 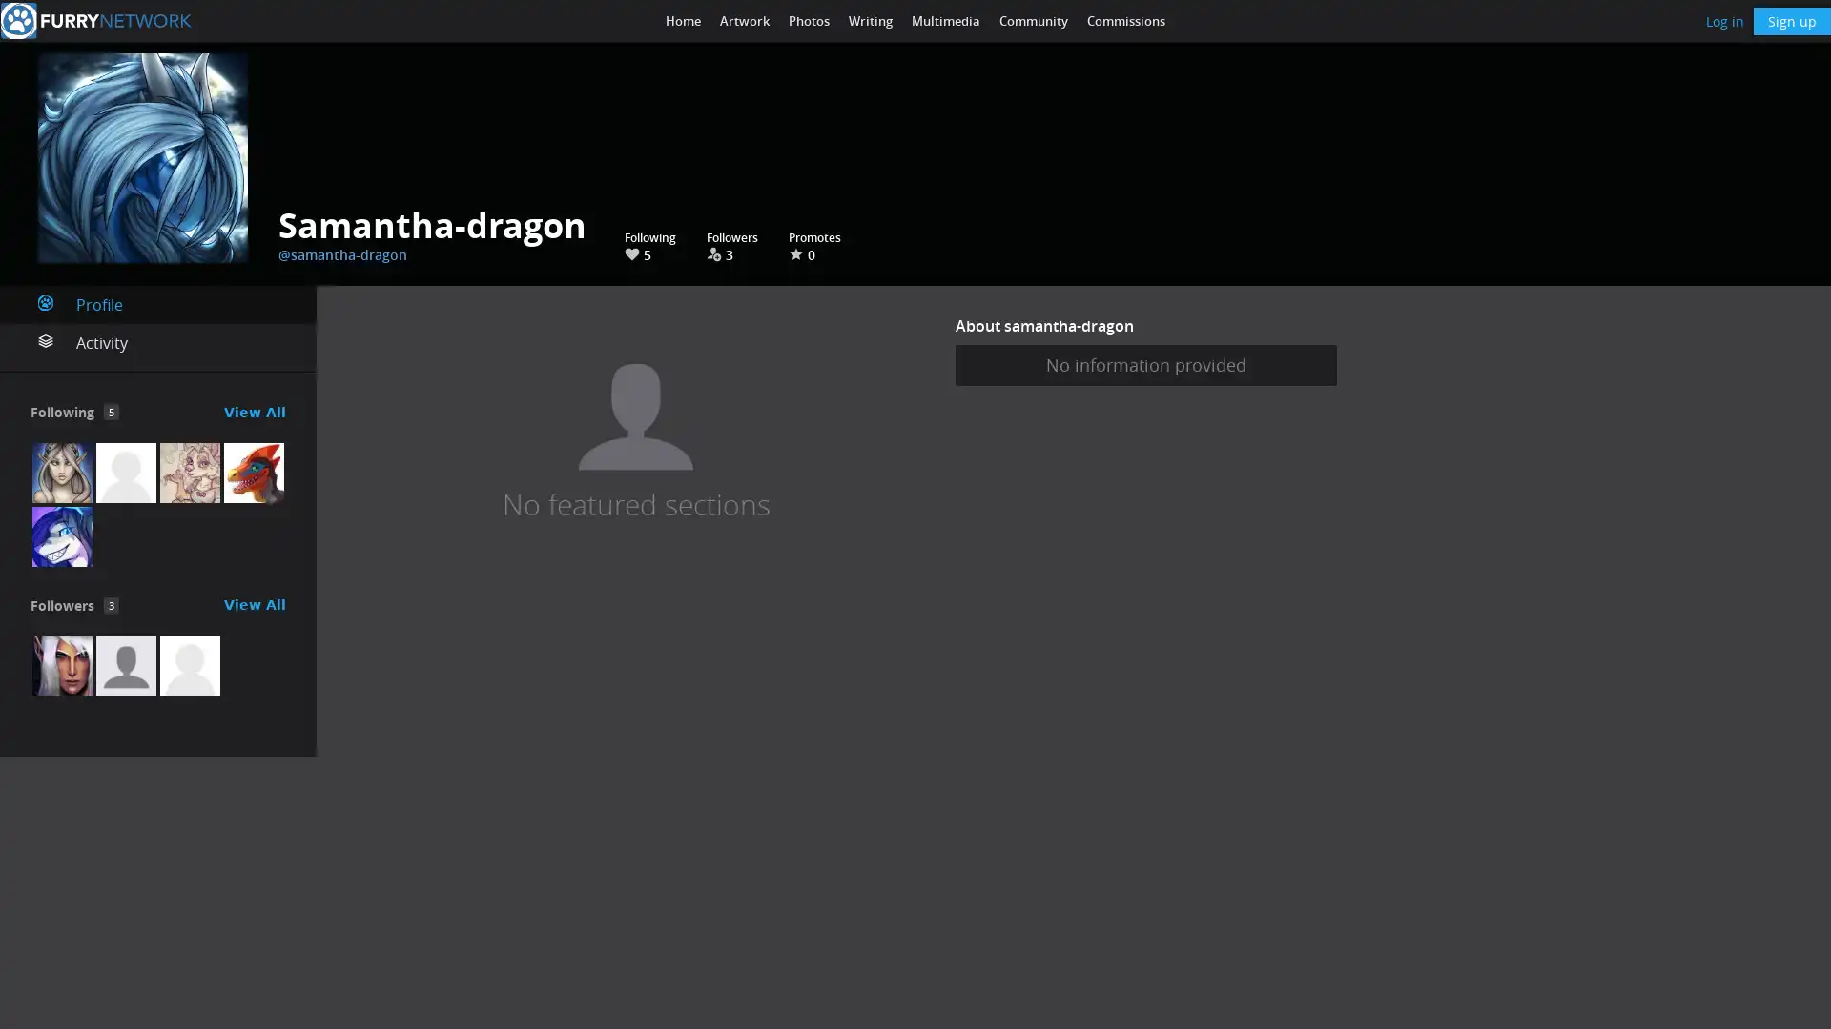 I want to click on View All, so click(x=254, y=605).